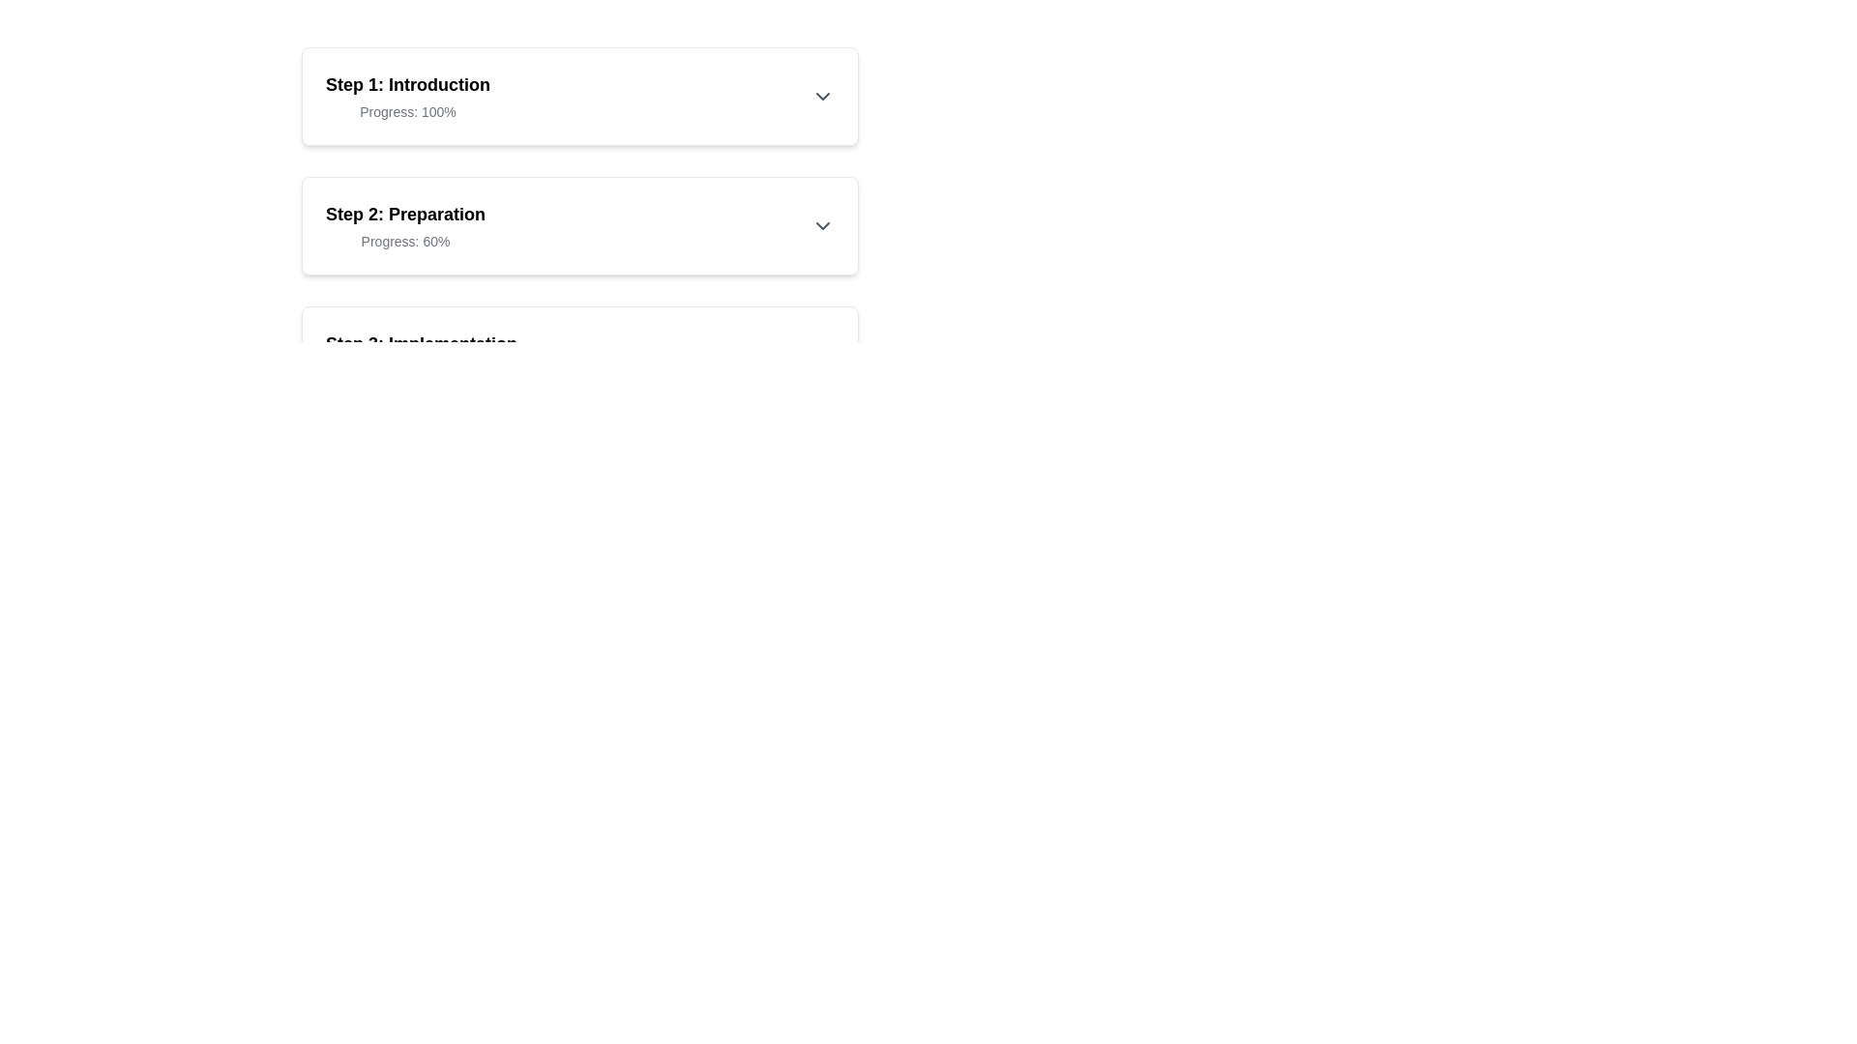  What do you see at coordinates (407, 97) in the screenshot?
I see `progress information from the informational label which displays 'Progress: 100%' below the title 'Step 1: Introduction'` at bounding box center [407, 97].